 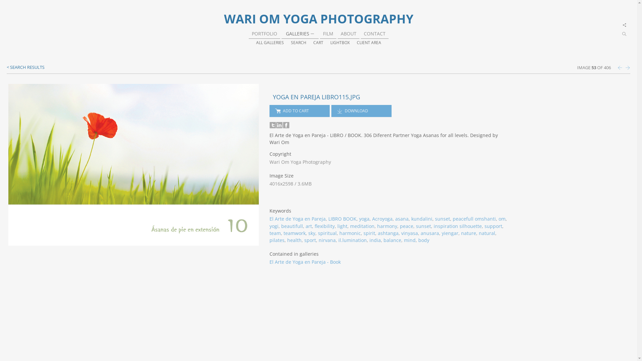 What do you see at coordinates (256, 42) in the screenshot?
I see `'ALL GALLERIES'` at bounding box center [256, 42].